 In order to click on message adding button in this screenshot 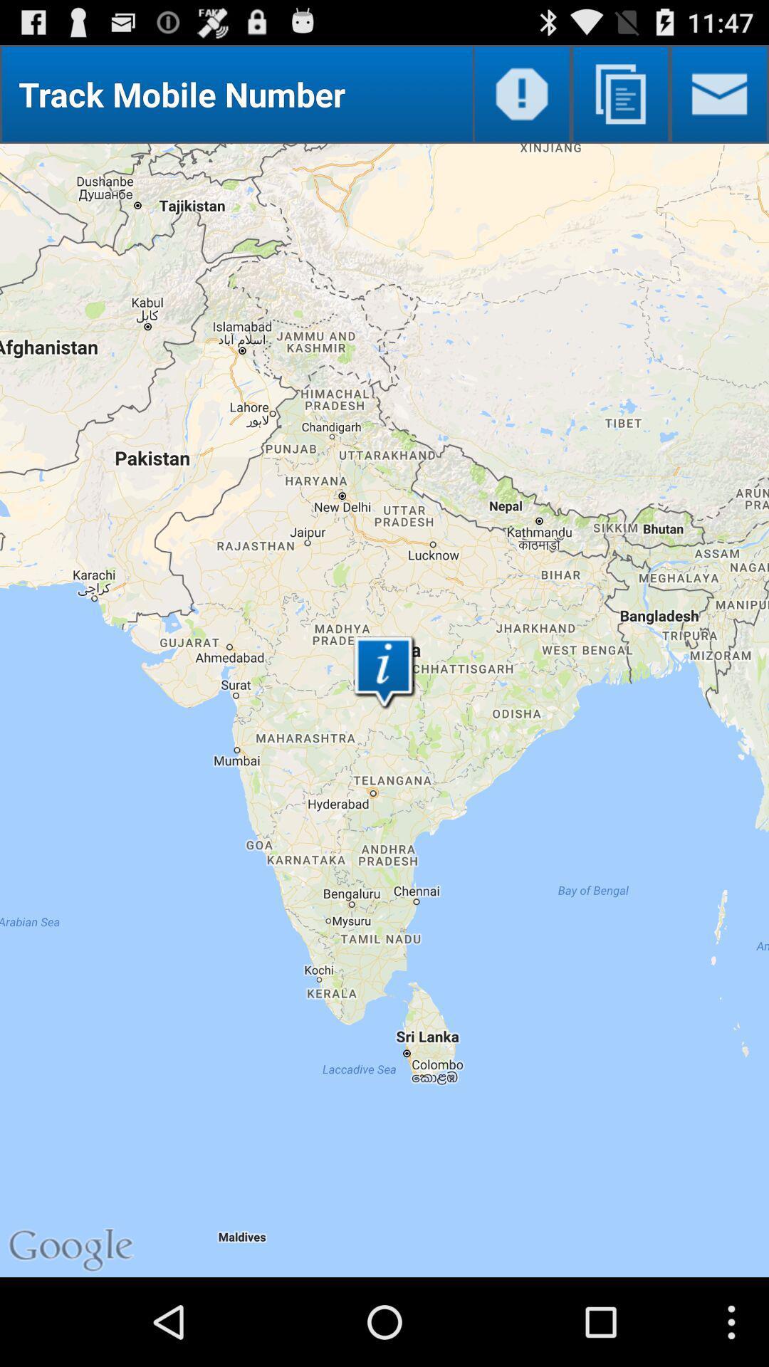, I will do `click(719, 93)`.